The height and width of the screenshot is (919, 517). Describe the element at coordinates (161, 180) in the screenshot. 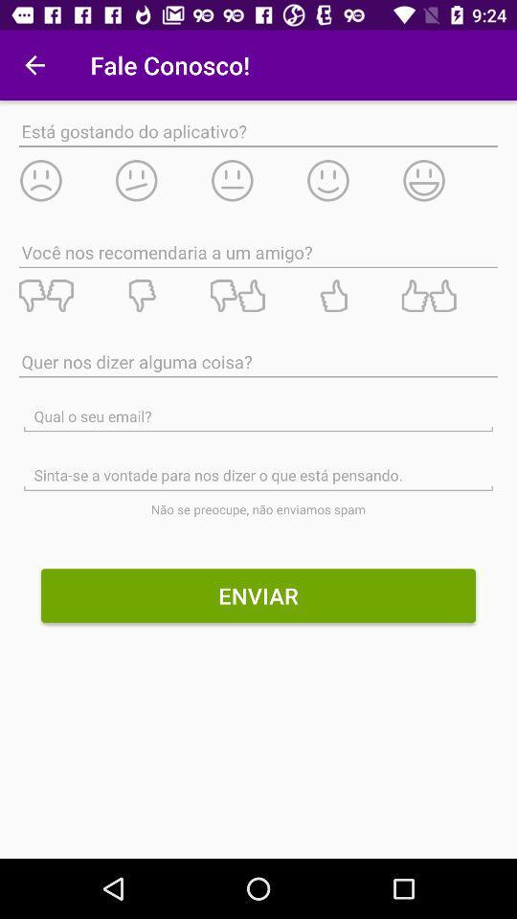

I see `rate the app` at that location.